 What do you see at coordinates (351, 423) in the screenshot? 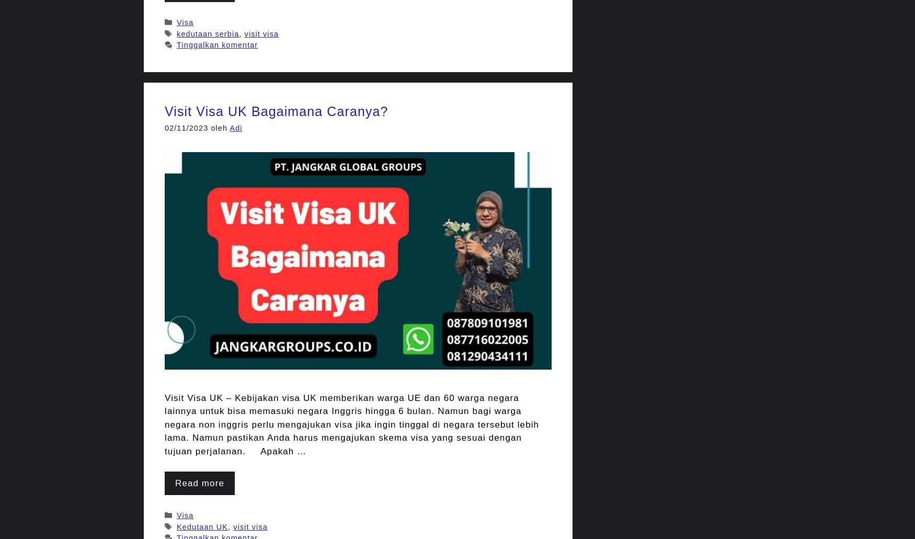
I see `'Visit Visa UK – Kebijakan visa UK memberikan warga UE dan 60 warga negara lainnya untuk bisa memasuki negara Inggris hingga 6 bulan. Namun bagi warga negara non inggris perlu mengajukan visa jika ingin tinggal di negara tersebut lebih lama. Namun pastikan Anda harus mengajukan skema visa yang sesuai dengan tujuan perjalanan.     Apakah …'` at bounding box center [351, 423].